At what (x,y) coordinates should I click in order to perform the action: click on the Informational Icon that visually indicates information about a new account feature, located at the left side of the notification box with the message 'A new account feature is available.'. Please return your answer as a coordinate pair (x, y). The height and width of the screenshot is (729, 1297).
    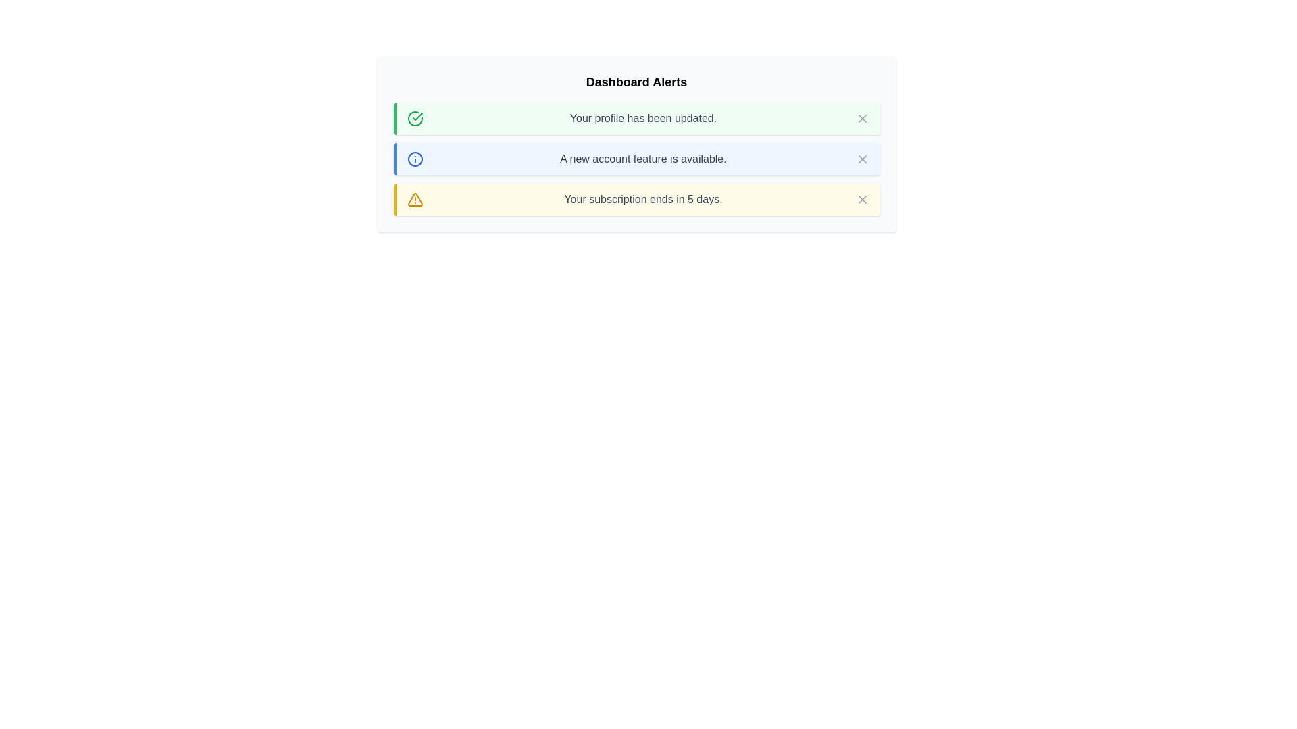
    Looking at the image, I should click on (414, 158).